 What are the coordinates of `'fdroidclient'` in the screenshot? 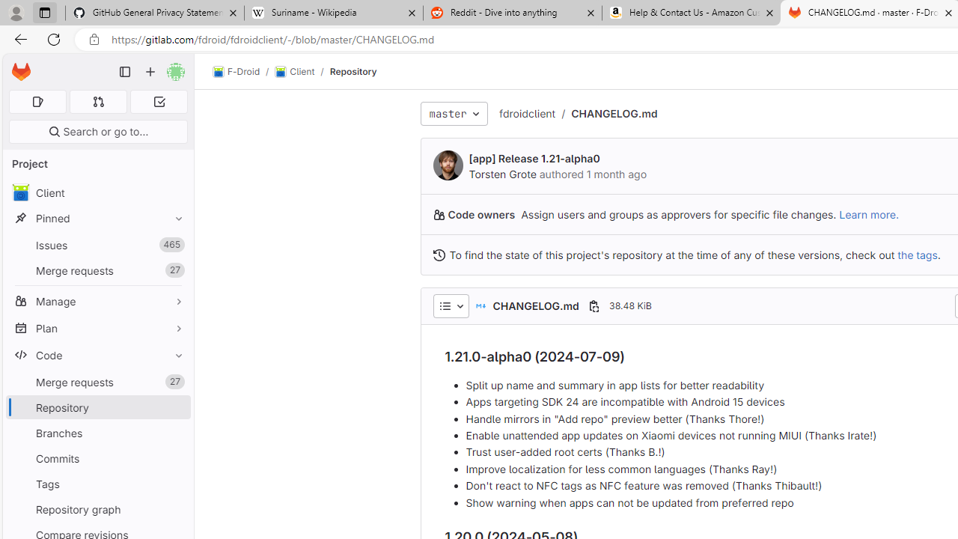 It's located at (527, 112).